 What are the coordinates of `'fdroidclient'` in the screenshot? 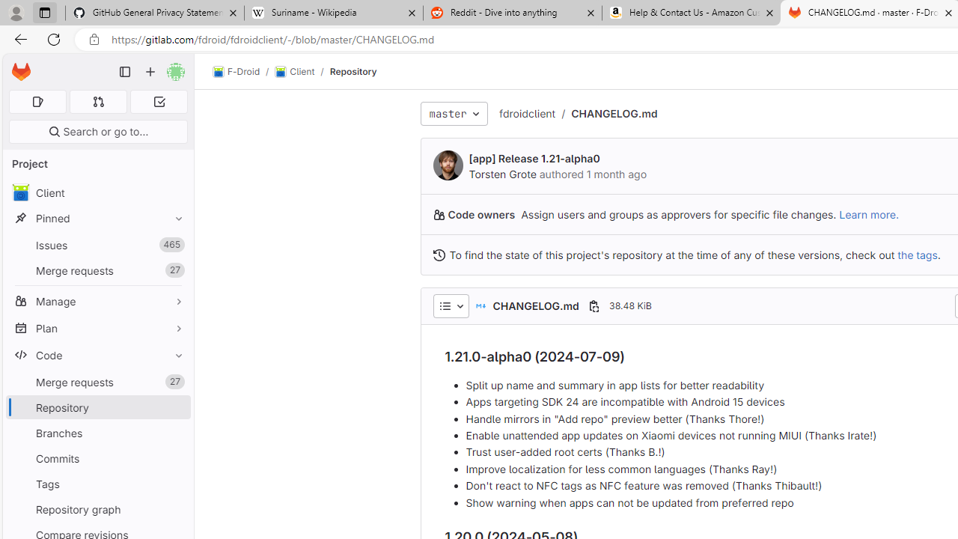 It's located at (527, 112).